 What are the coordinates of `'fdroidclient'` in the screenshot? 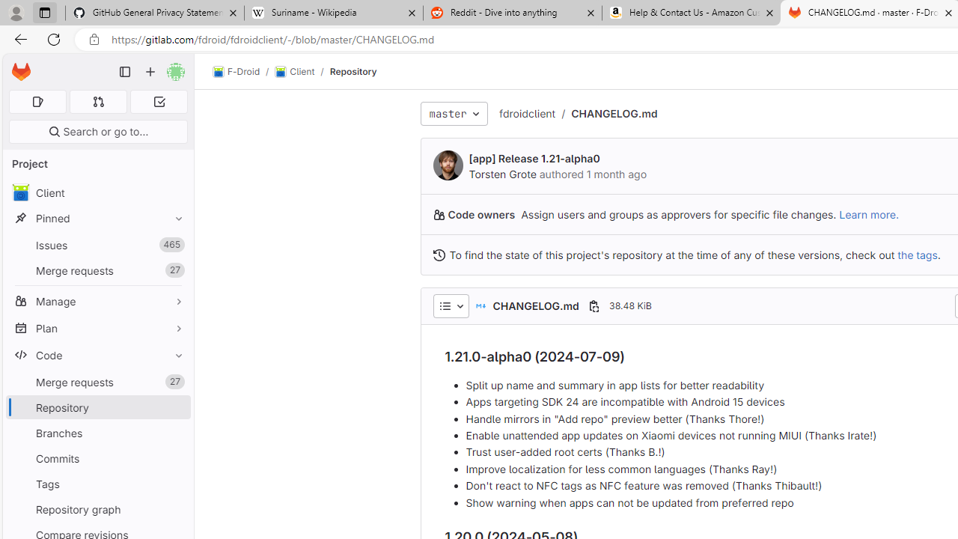 It's located at (527, 112).